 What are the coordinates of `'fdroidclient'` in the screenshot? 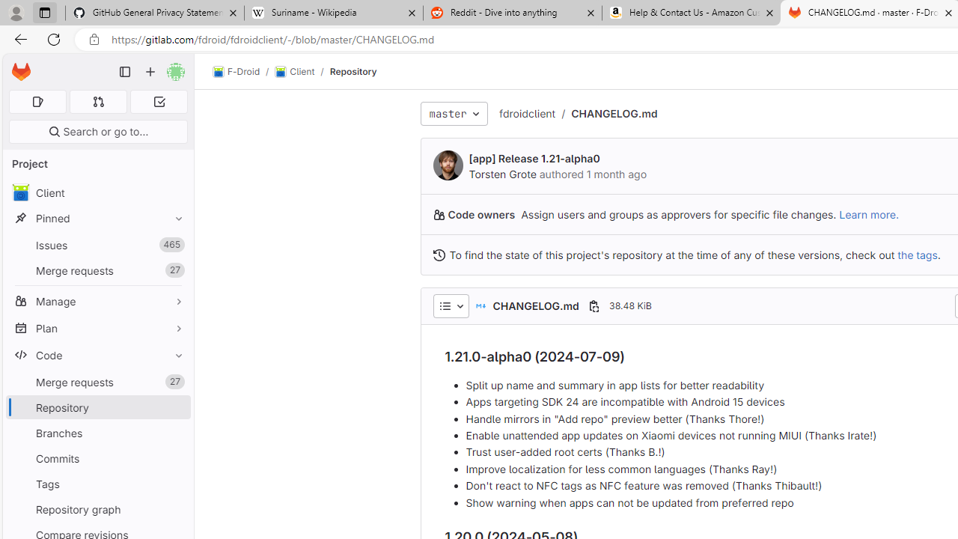 It's located at (527, 112).